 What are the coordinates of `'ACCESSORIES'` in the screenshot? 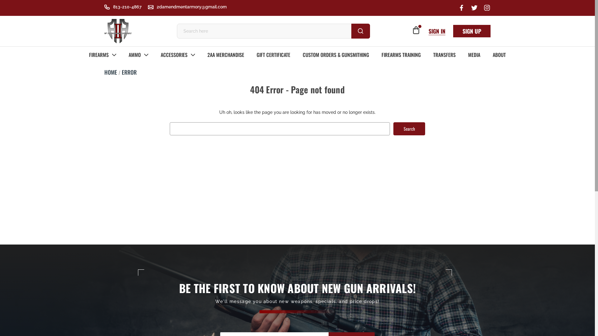 It's located at (178, 54).